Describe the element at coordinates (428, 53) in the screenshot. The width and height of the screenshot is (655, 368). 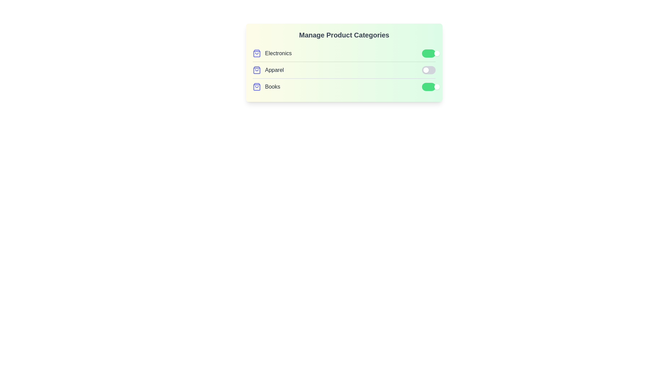
I see `the toggle switch for the 'Electronics' category` at that location.